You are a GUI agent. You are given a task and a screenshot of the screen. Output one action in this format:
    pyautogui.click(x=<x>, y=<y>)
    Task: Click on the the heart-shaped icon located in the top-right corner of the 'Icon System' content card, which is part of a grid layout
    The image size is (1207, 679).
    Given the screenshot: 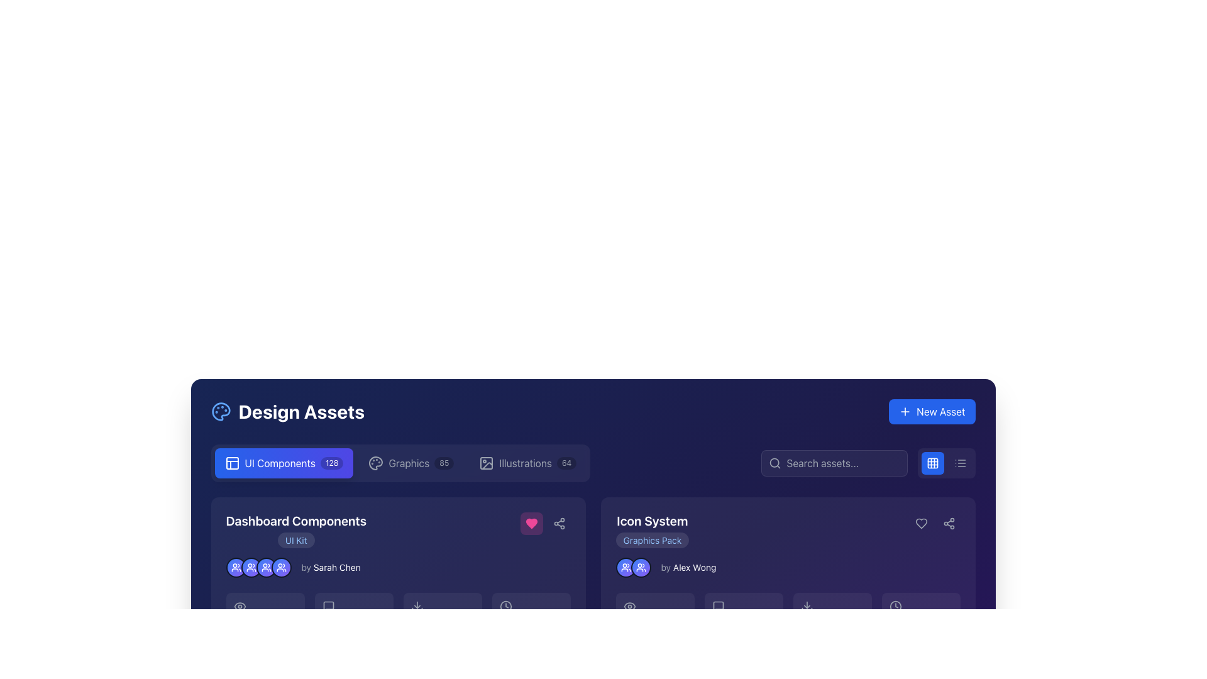 What is the action you would take?
    pyautogui.click(x=921, y=524)
    